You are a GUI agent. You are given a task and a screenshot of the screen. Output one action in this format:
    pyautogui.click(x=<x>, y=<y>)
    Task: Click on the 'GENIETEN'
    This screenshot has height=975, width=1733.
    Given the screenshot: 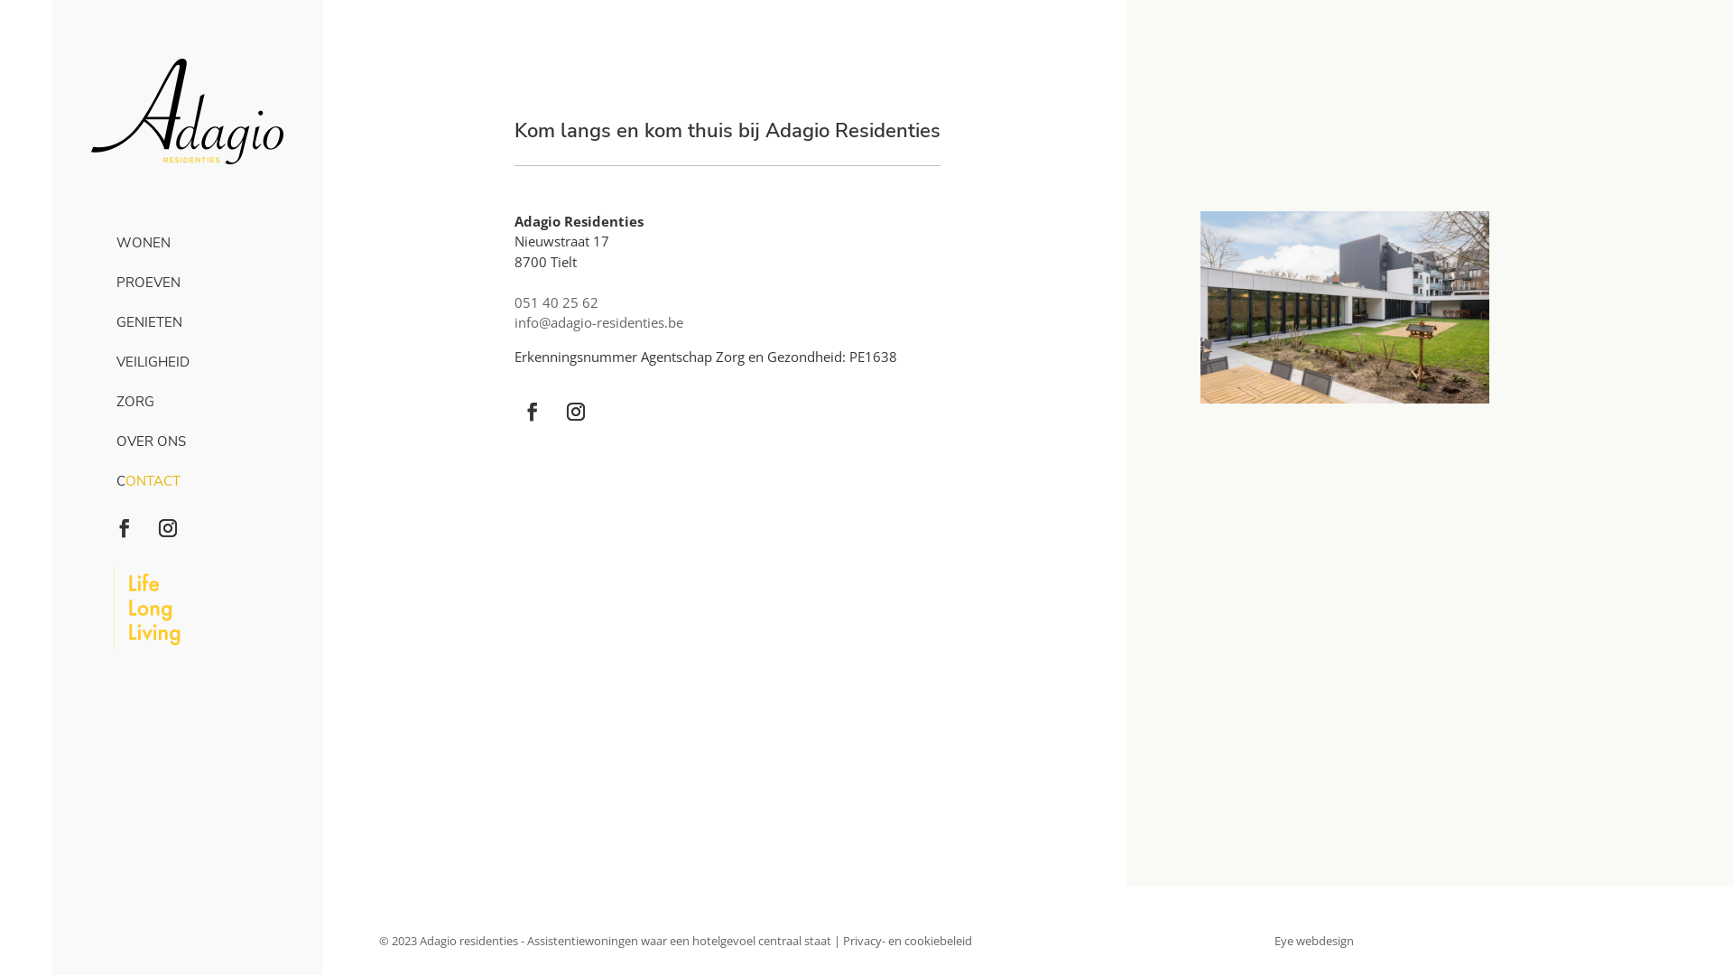 What is the action you would take?
    pyautogui.click(x=187, y=321)
    